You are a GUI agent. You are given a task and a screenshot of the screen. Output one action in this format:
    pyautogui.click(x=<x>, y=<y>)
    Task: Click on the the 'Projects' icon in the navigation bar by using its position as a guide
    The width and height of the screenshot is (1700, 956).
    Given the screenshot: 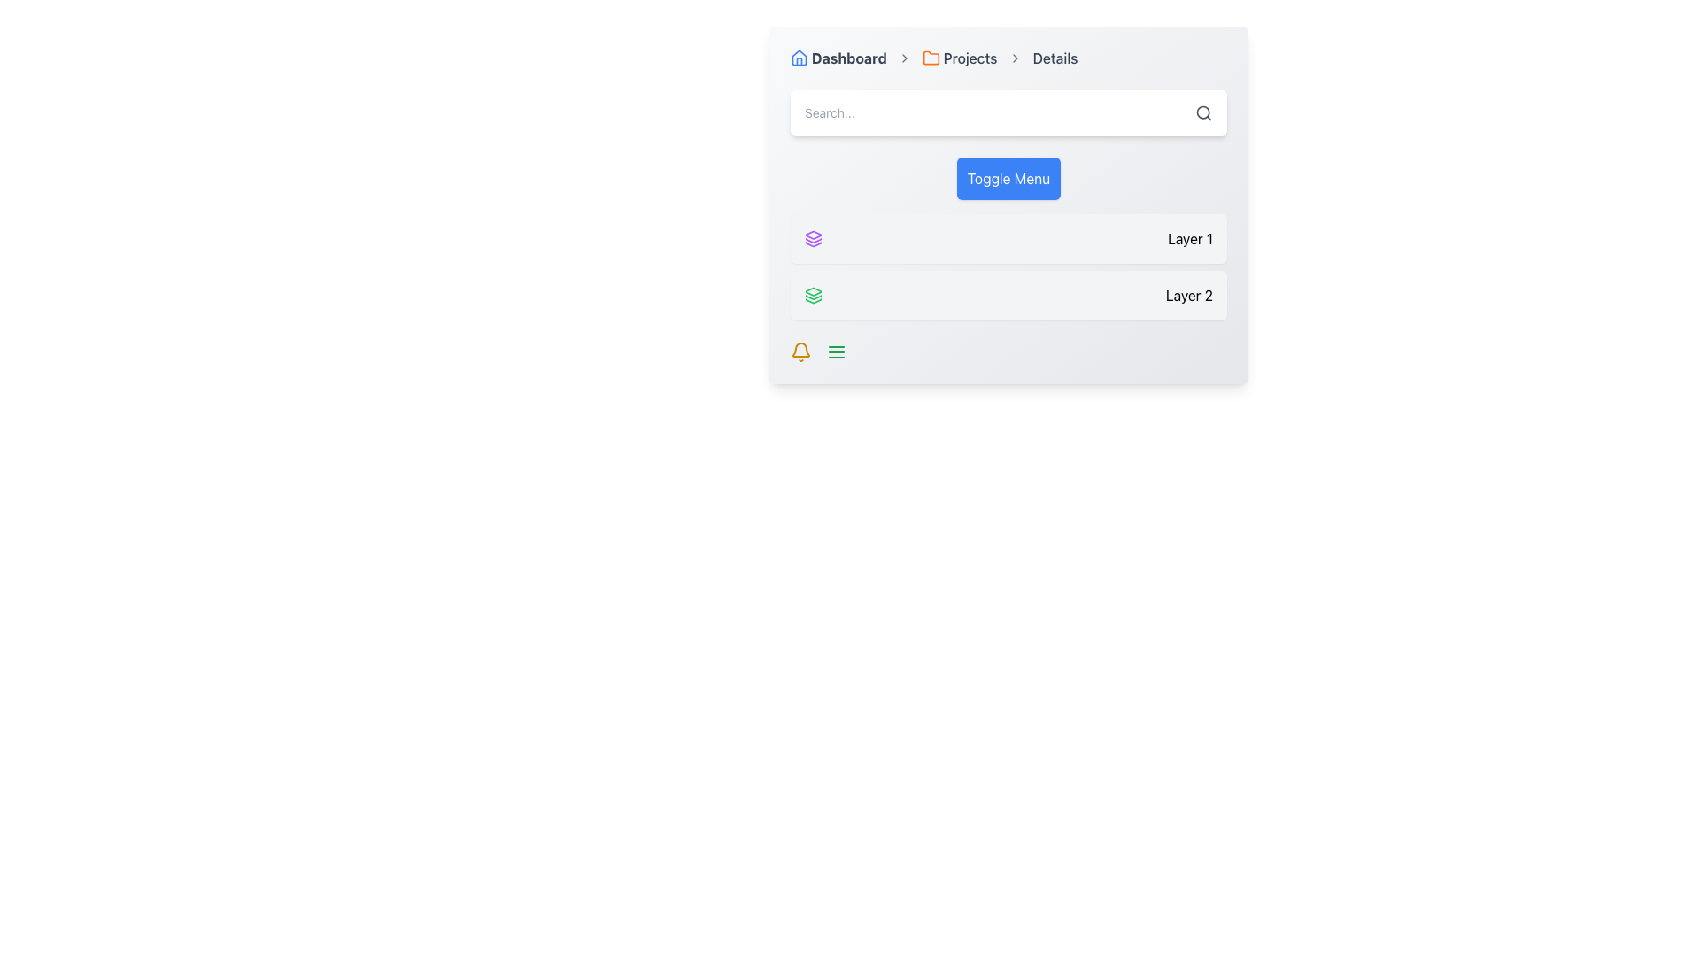 What is the action you would take?
    pyautogui.click(x=930, y=57)
    